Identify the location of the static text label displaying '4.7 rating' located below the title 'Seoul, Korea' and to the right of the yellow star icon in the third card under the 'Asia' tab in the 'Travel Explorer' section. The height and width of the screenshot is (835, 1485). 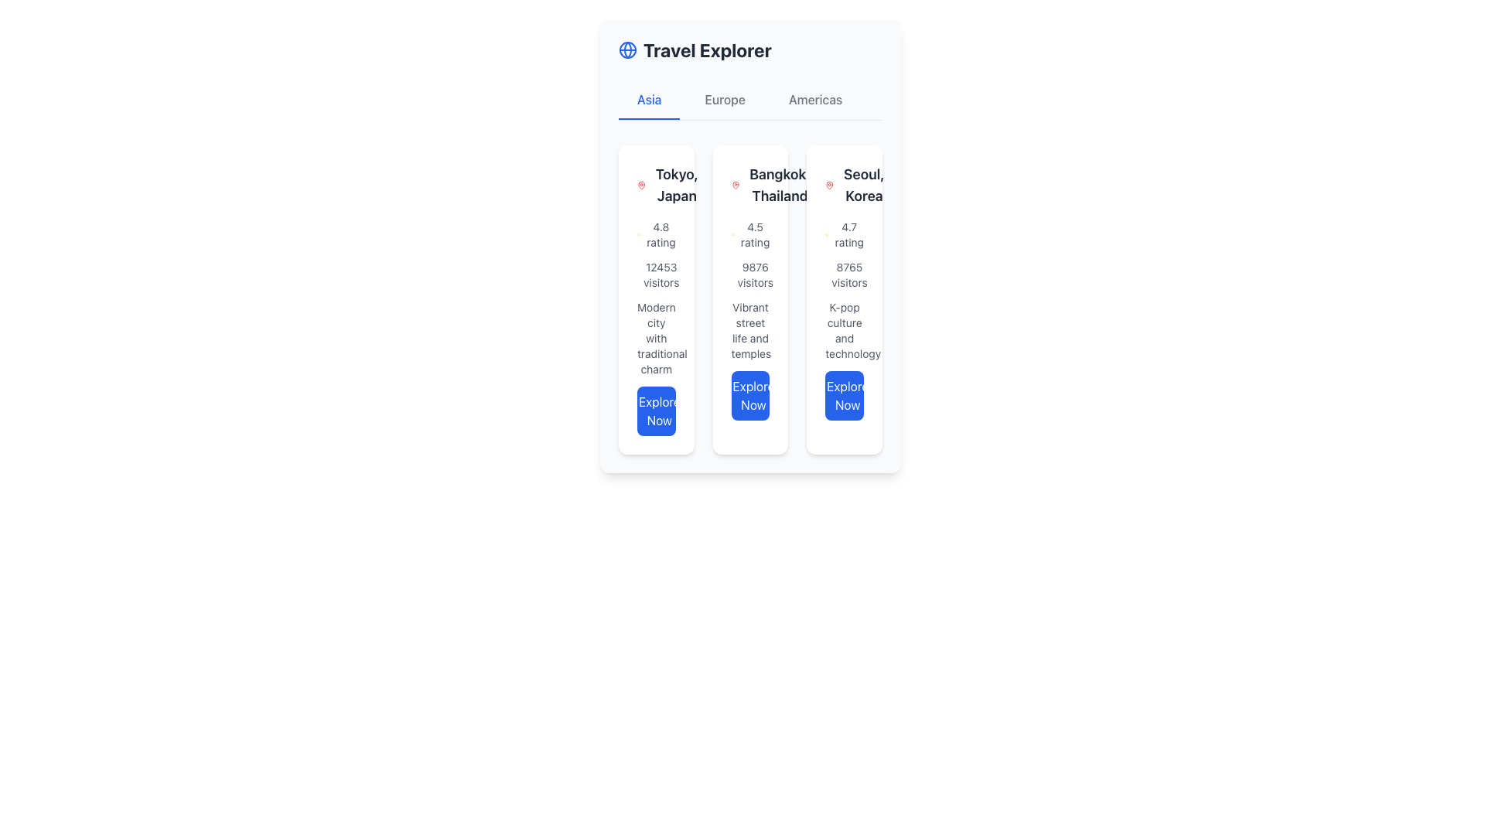
(848, 235).